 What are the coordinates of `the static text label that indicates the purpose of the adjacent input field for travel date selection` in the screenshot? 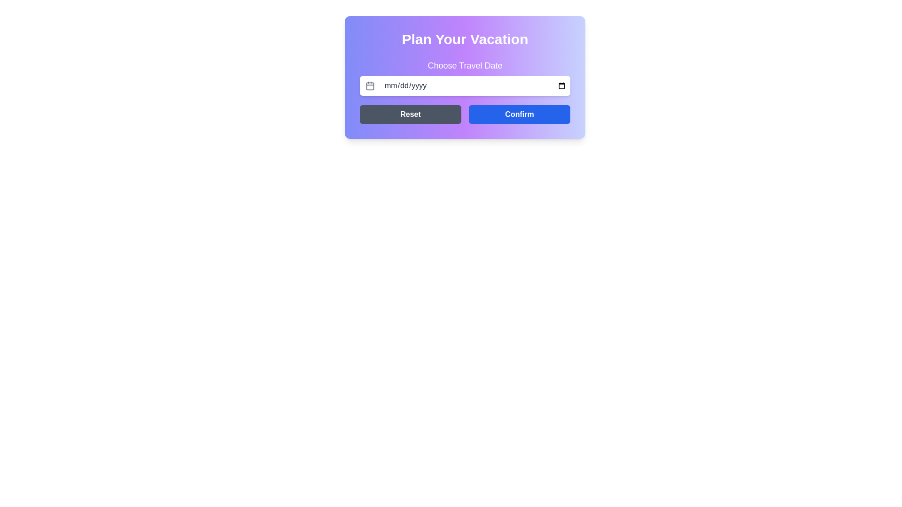 It's located at (465, 65).